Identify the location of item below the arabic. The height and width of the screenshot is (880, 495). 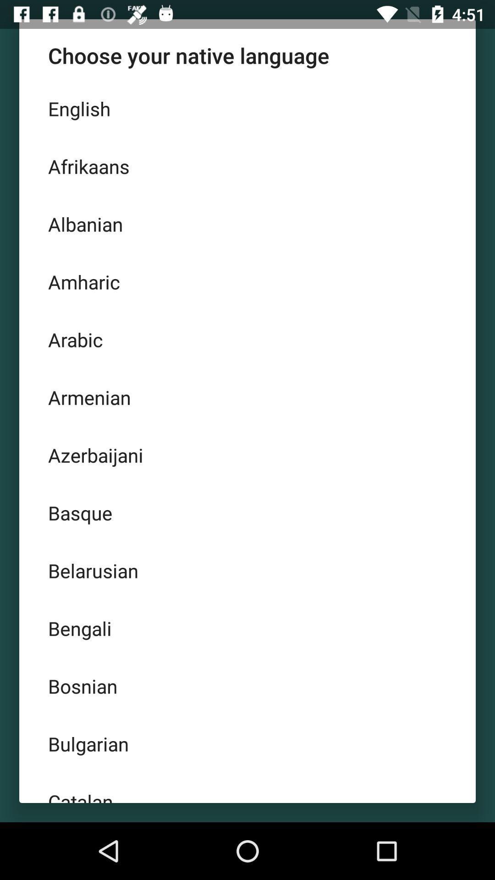
(247, 397).